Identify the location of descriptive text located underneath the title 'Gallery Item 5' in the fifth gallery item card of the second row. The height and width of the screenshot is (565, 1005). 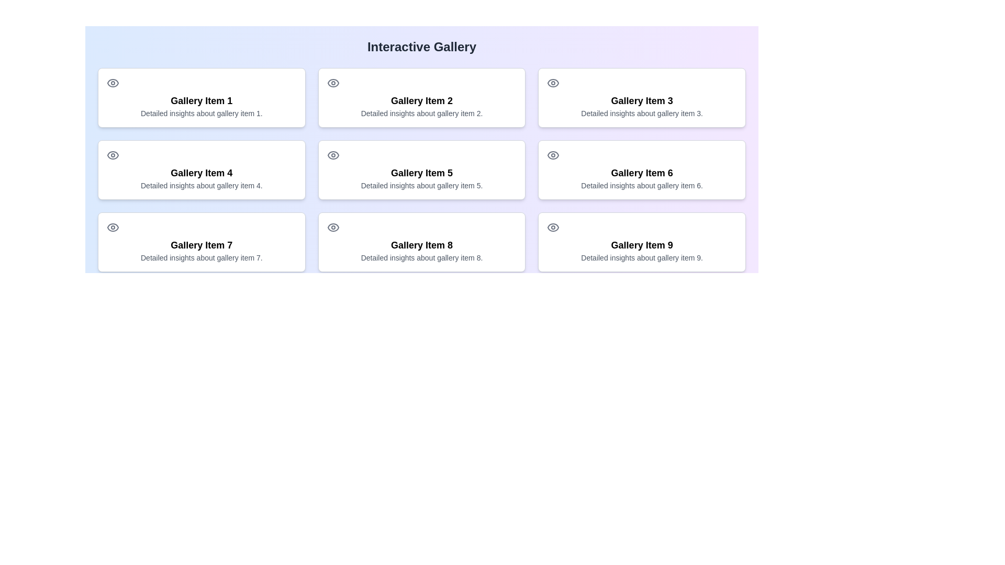
(422, 185).